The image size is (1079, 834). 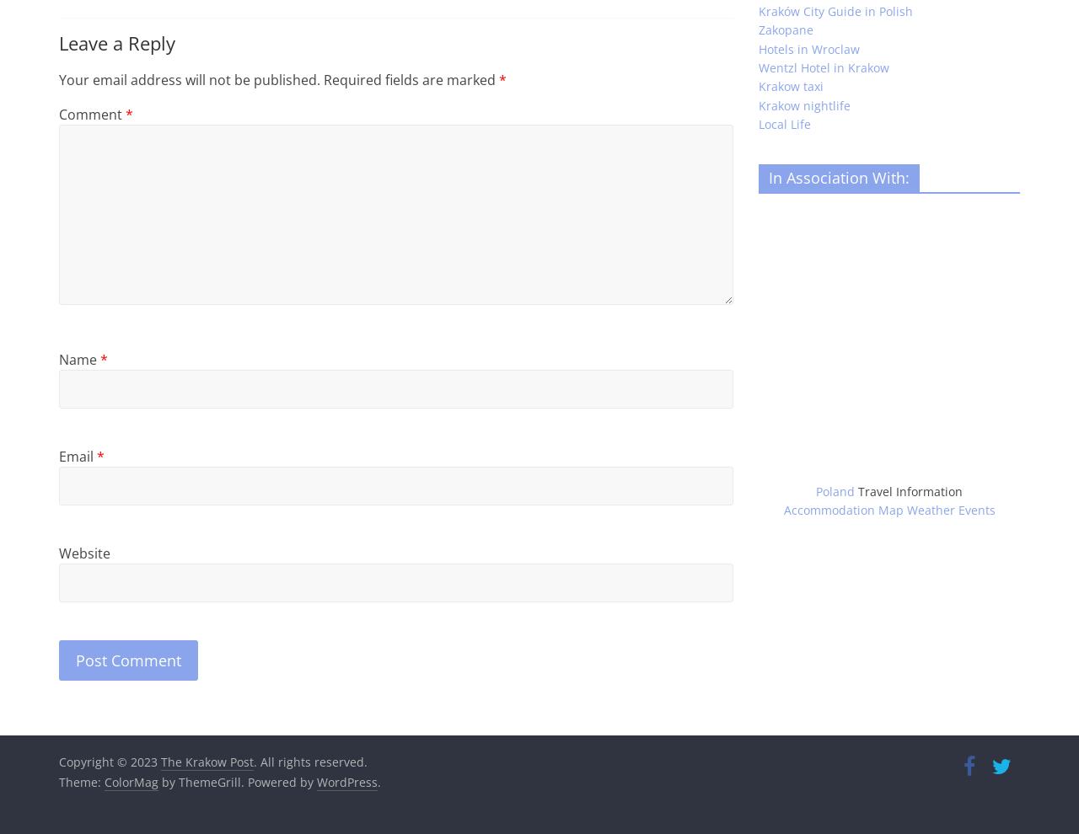 What do you see at coordinates (824, 67) in the screenshot?
I see `'Wentzl Hotel in Krakow'` at bounding box center [824, 67].